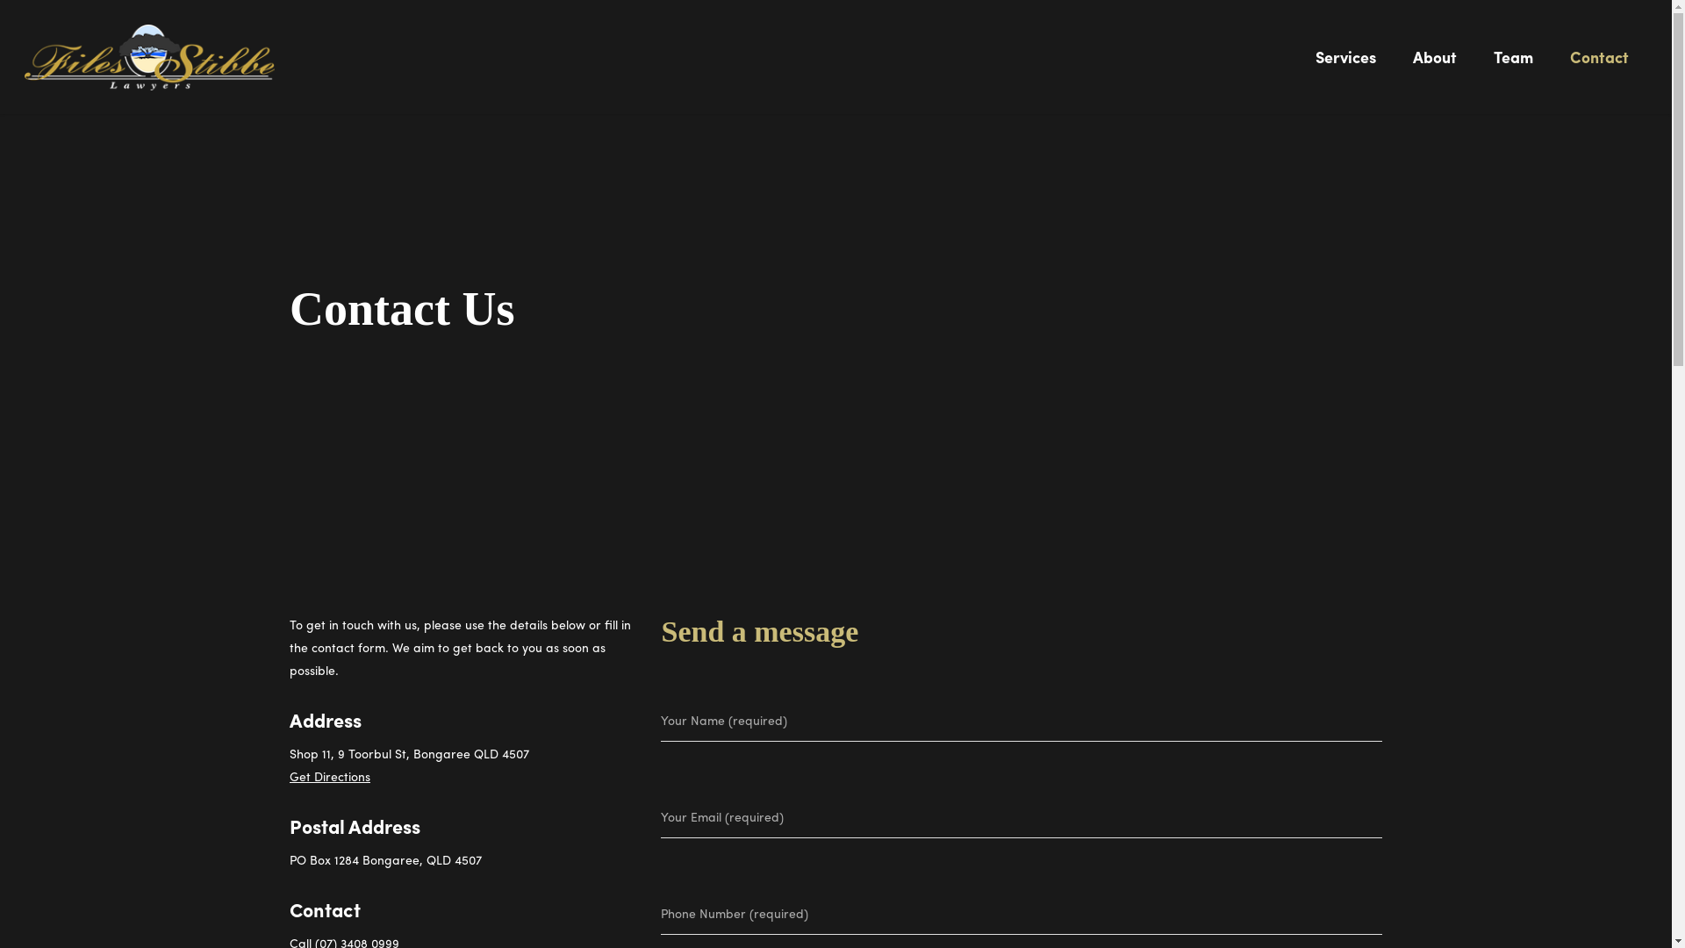  Describe the element at coordinates (1512, 68) in the screenshot. I see `'Team'` at that location.